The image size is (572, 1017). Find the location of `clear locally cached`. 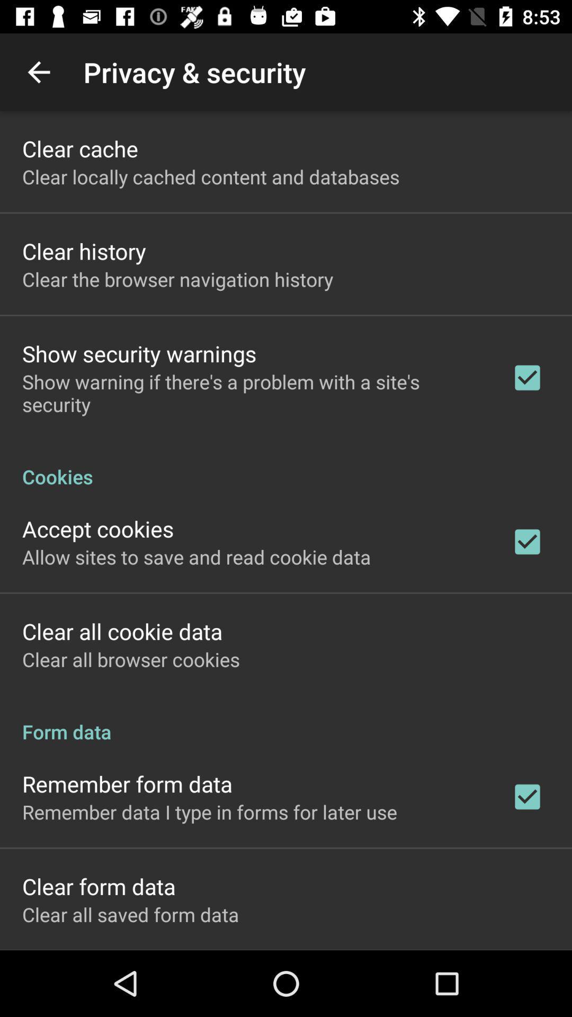

clear locally cached is located at coordinates (211, 176).